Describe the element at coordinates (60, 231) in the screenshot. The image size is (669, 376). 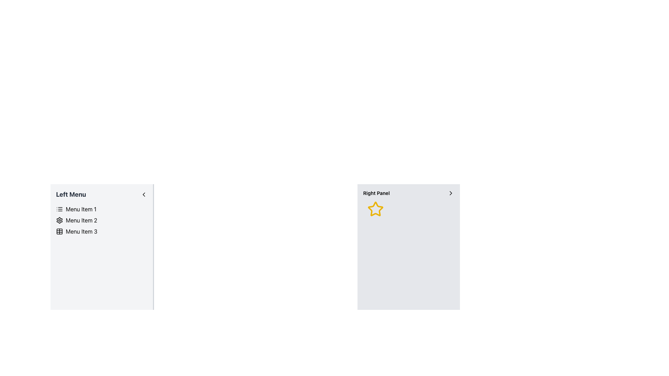
I see `the SVG Rectangle that serves as the central grid block in the bottom-left corner of the application layout under the 'Left Menu'` at that location.